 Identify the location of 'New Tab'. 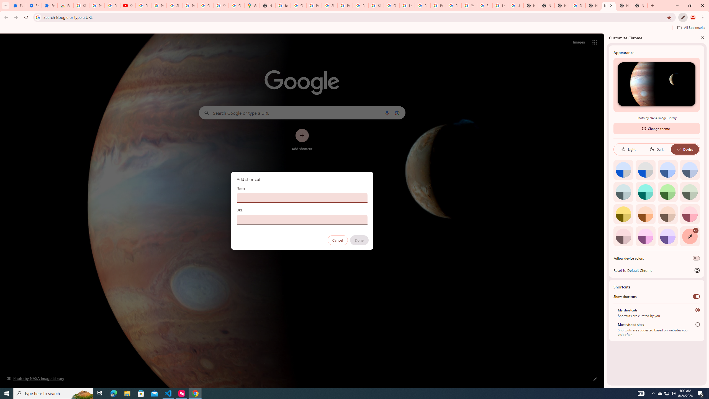
(640, 5).